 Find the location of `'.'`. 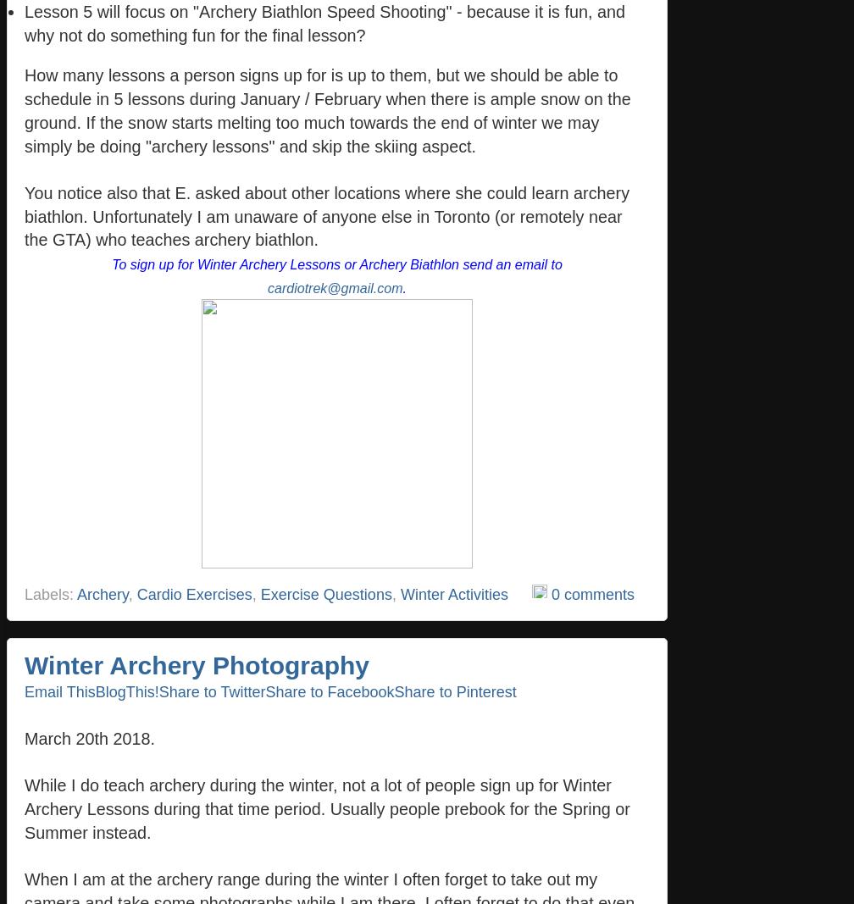

'.' is located at coordinates (403, 287).